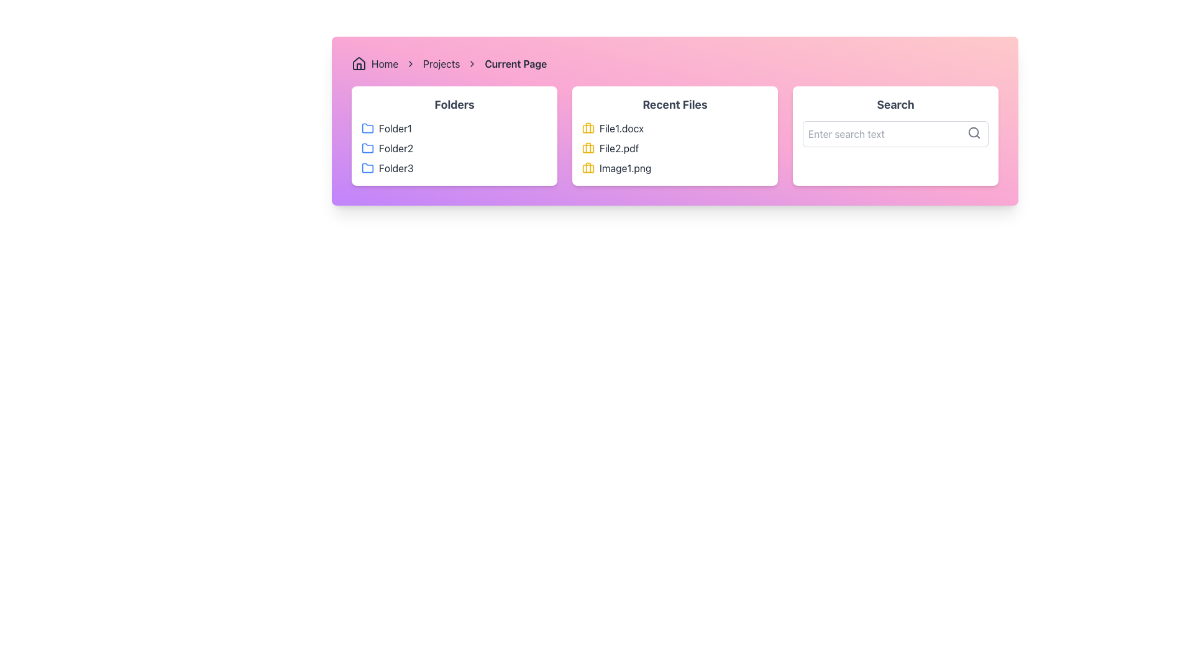 The image size is (1193, 671). What do you see at coordinates (411, 64) in the screenshot?
I see `the right-facing chevron icon in the breadcrumb navigation bar, which is positioned between the 'Home' and 'Projects' text links` at bounding box center [411, 64].